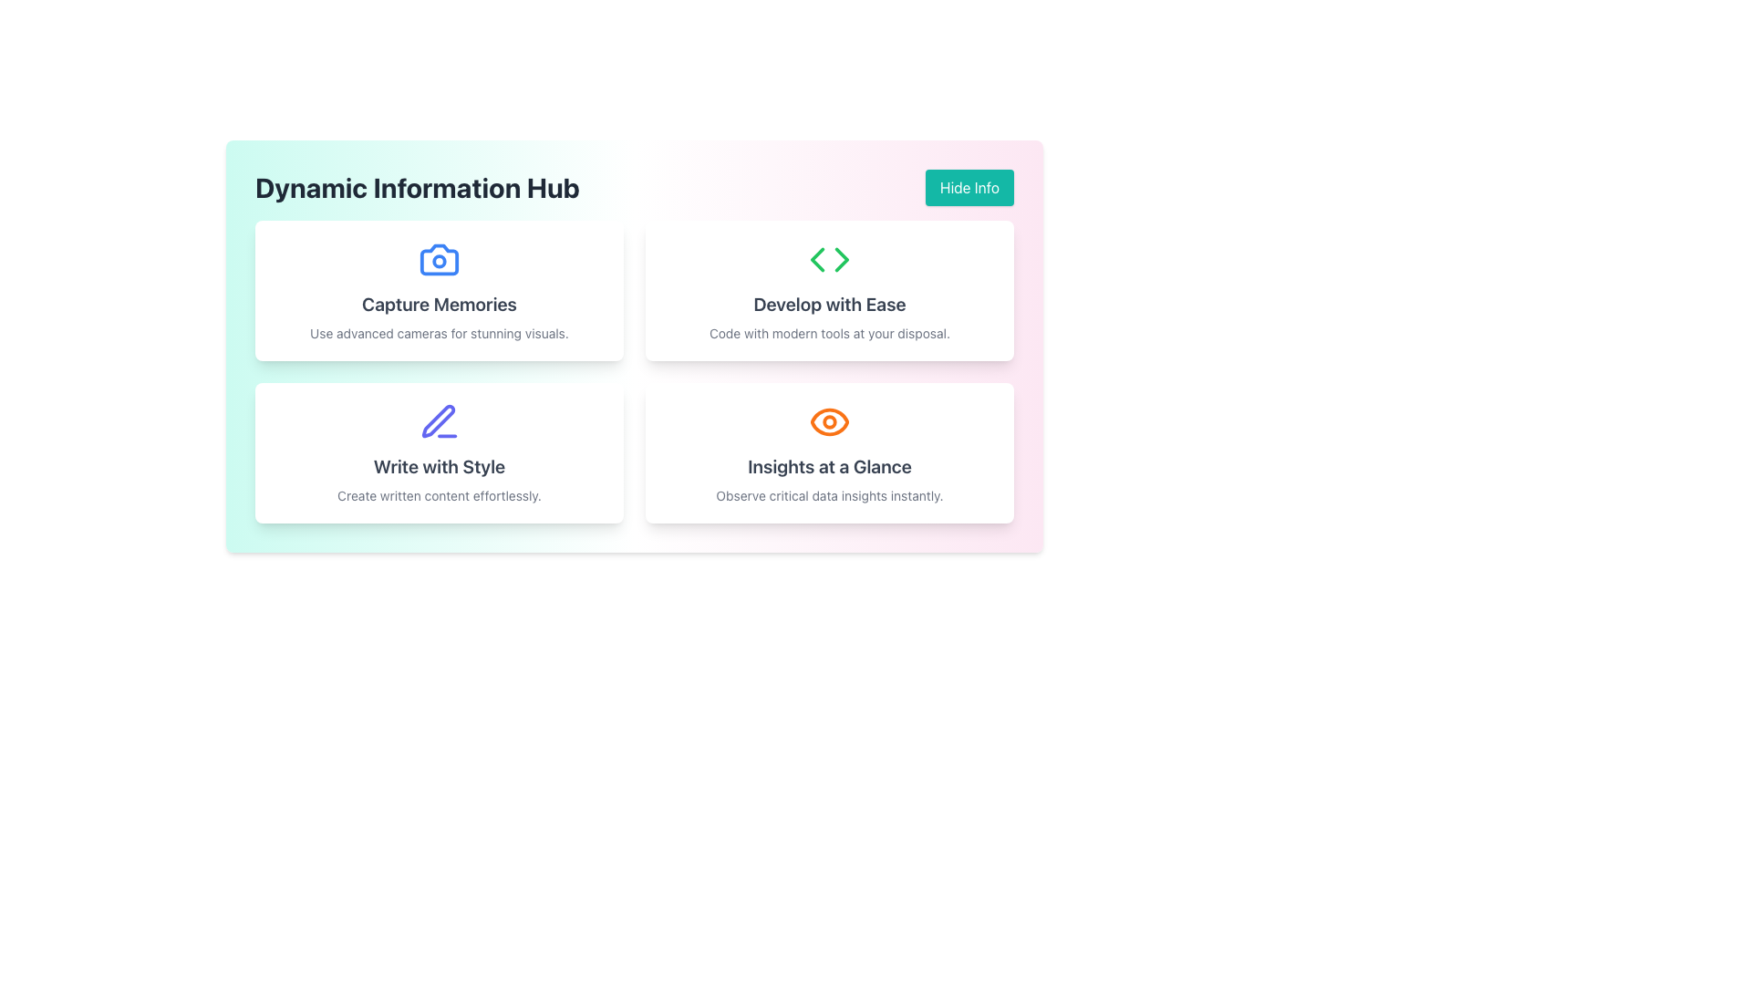 Image resolution: width=1751 pixels, height=985 pixels. What do you see at coordinates (841, 260) in the screenshot?
I see `the right arrow icon in the 'Develop with Ease' section, which signifies action or direction for navigation` at bounding box center [841, 260].